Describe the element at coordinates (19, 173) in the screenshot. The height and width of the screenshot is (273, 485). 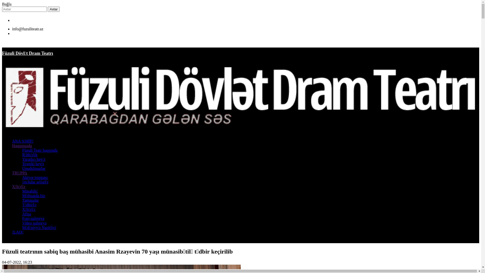
I see `'TRUPPA'` at that location.